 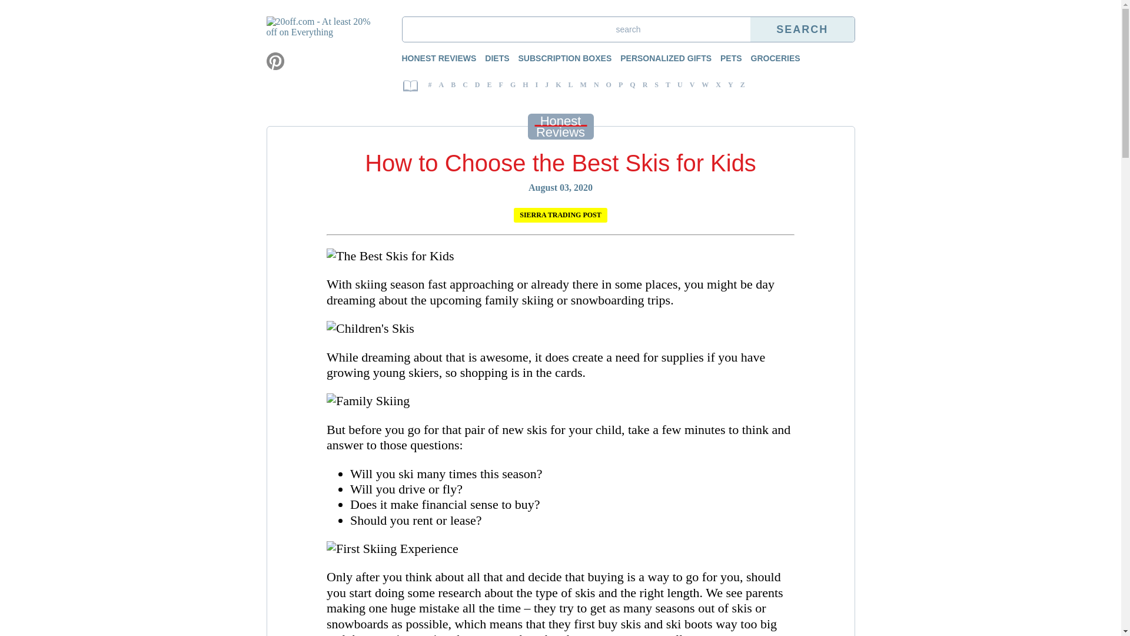 I want to click on 'K', so click(x=557, y=84).